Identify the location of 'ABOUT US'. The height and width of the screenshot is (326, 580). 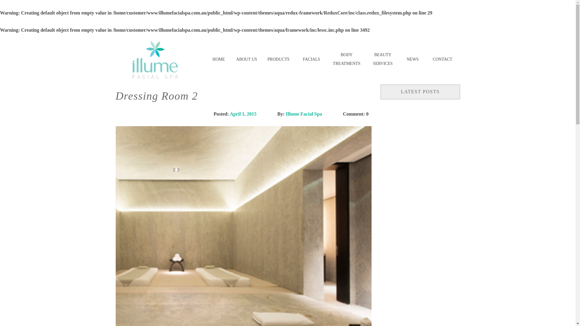
(246, 59).